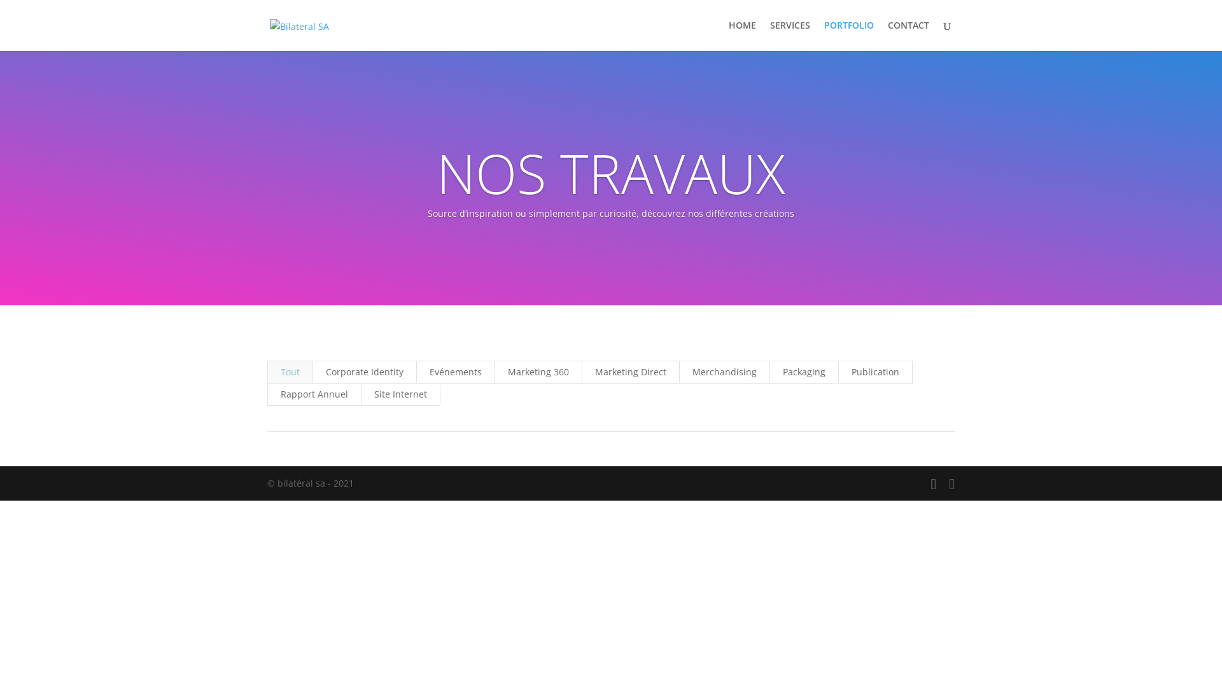  What do you see at coordinates (290, 372) in the screenshot?
I see `'Tout'` at bounding box center [290, 372].